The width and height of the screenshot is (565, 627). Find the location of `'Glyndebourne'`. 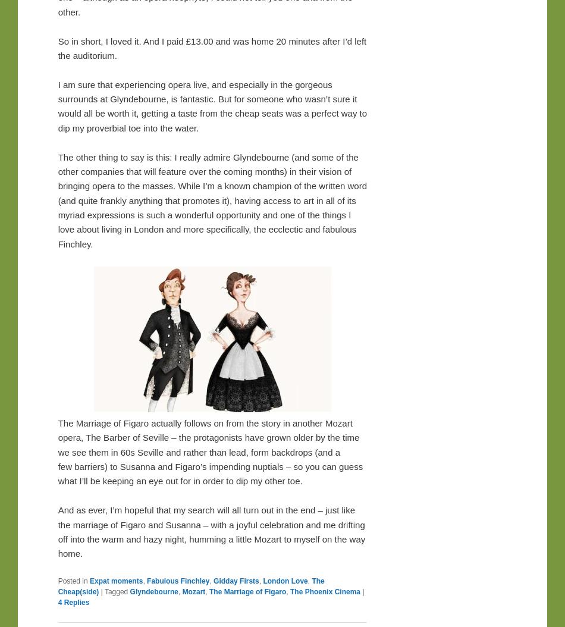

'Glyndebourne' is located at coordinates (130, 591).